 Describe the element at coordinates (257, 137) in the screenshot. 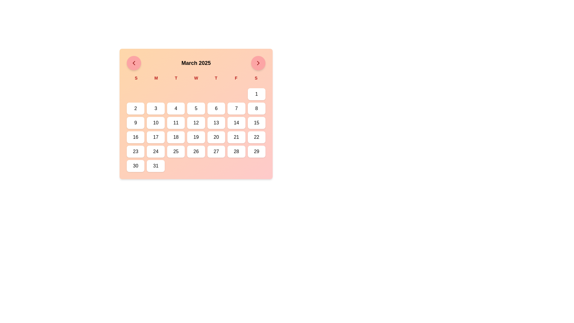

I see `the button representing the date '22' in the March 2025 calendar to change its color` at that location.